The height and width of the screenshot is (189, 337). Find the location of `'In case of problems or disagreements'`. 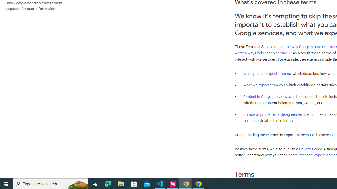

'In case of problems or disagreements' is located at coordinates (274, 114).